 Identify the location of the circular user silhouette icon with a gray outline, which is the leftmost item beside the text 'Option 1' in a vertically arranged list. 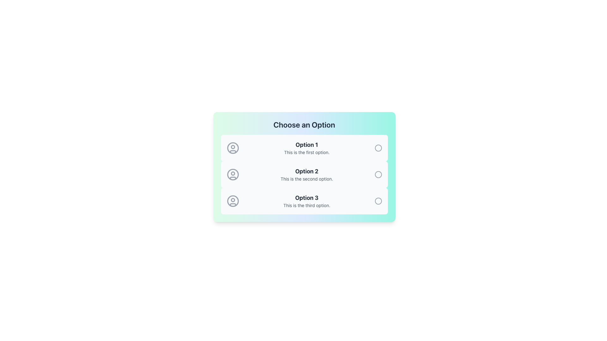
(232, 148).